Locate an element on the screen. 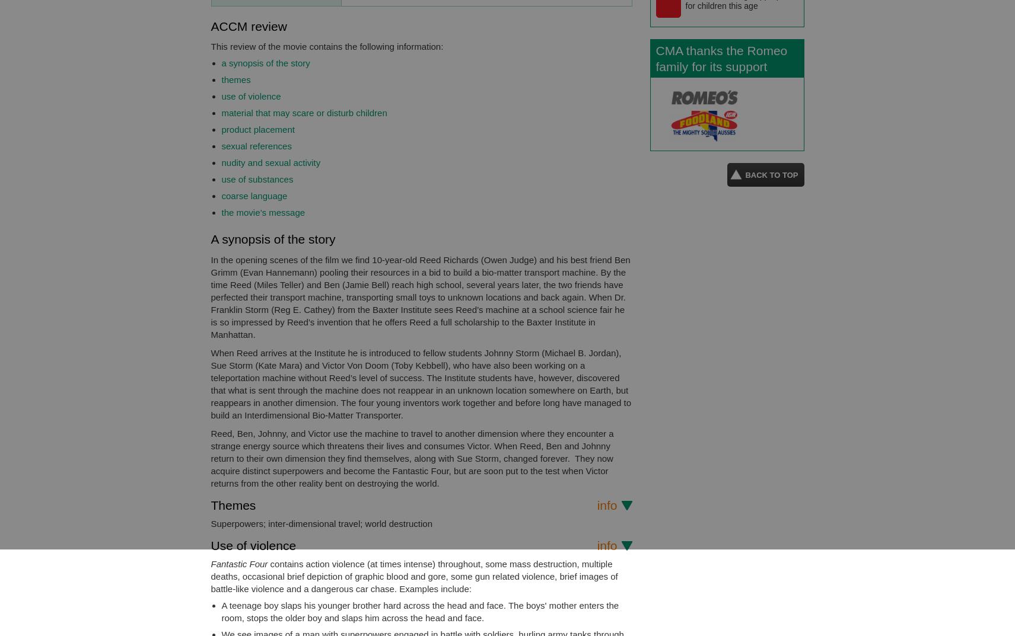 Image resolution: width=1015 pixels, height=636 pixels. 'use of substances' is located at coordinates (257, 179).